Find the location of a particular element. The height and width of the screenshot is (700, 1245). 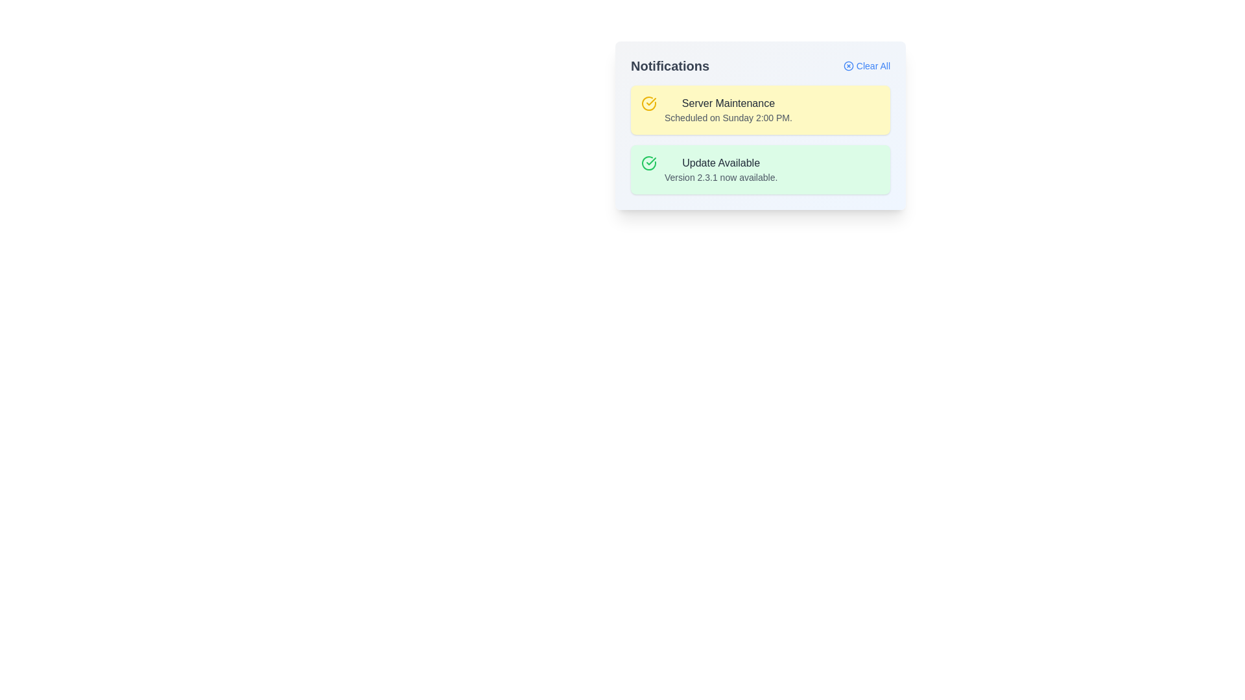

text label located at the top of the second notification card in the 'Notifications' section, which serves as a heading for the notification message is located at coordinates (720, 162).